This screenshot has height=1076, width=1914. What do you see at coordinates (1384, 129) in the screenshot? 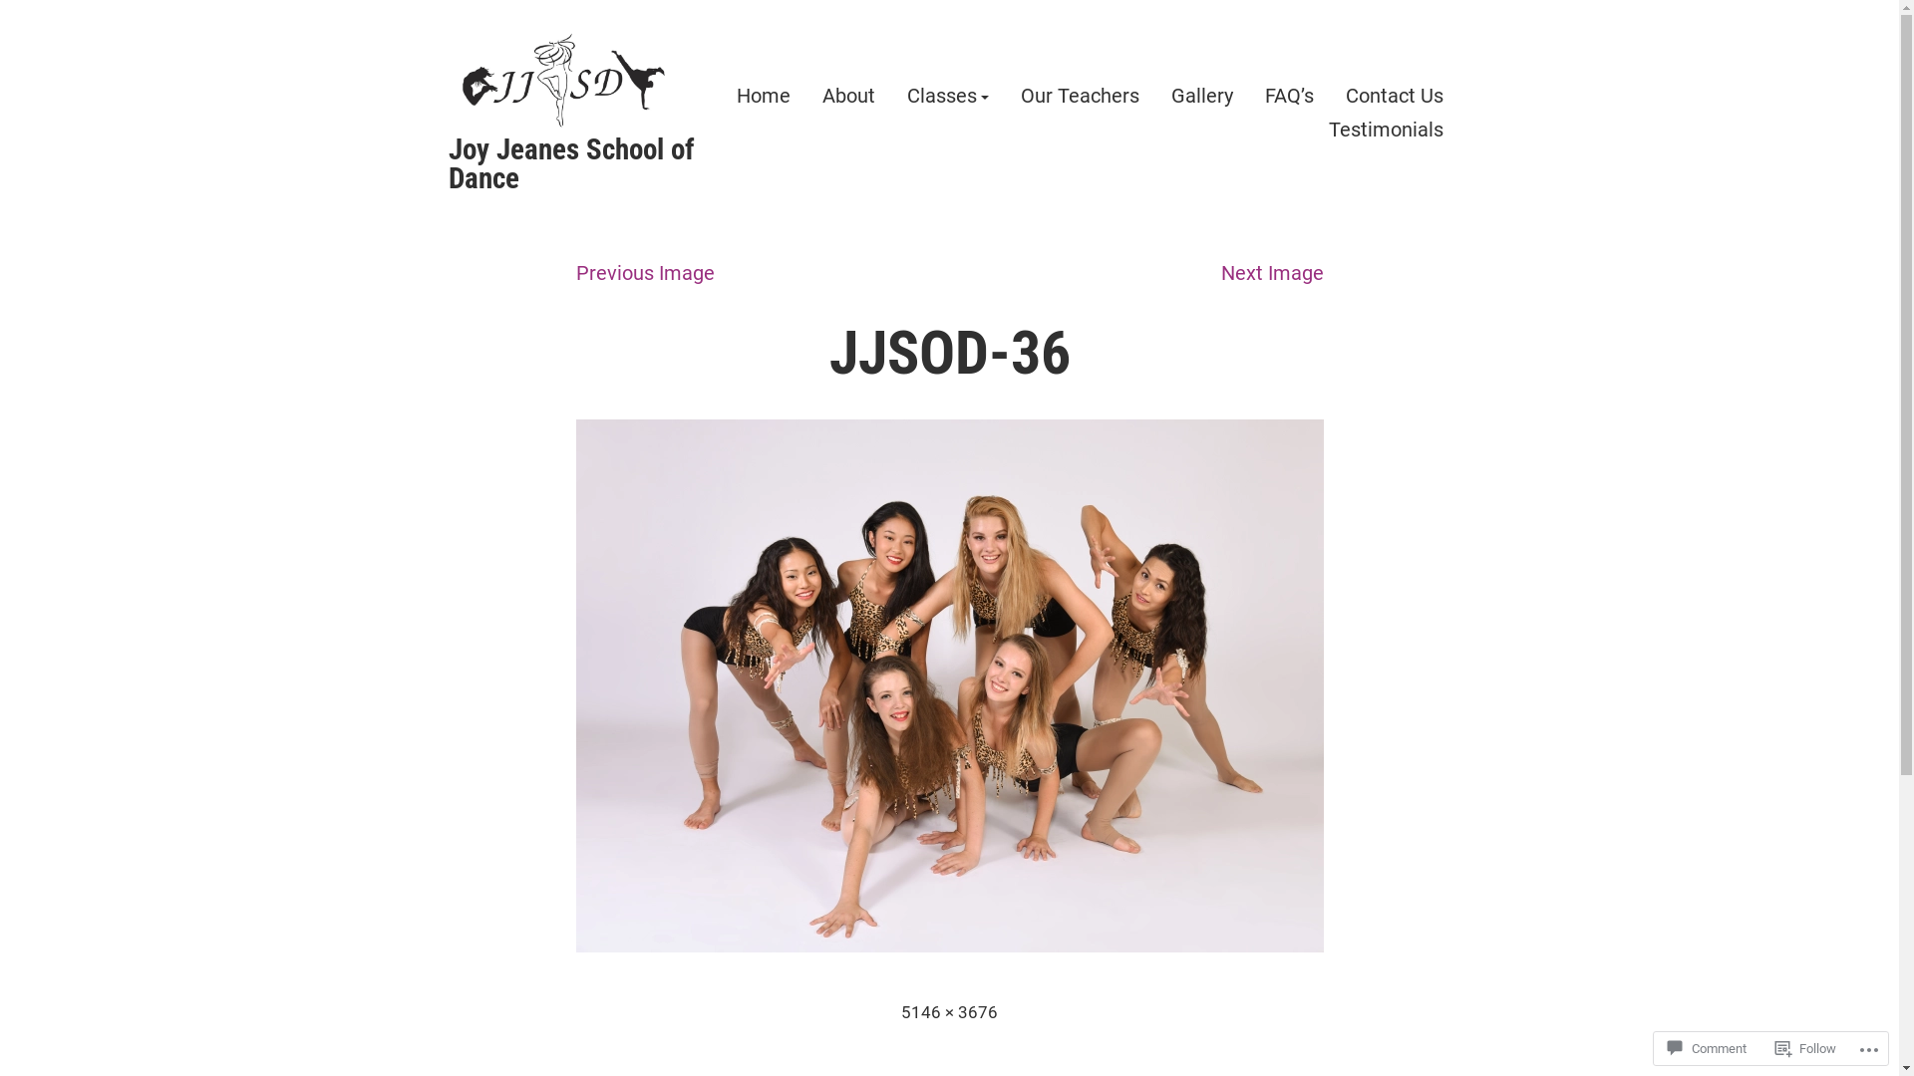
I see `'Testimonials'` at bounding box center [1384, 129].